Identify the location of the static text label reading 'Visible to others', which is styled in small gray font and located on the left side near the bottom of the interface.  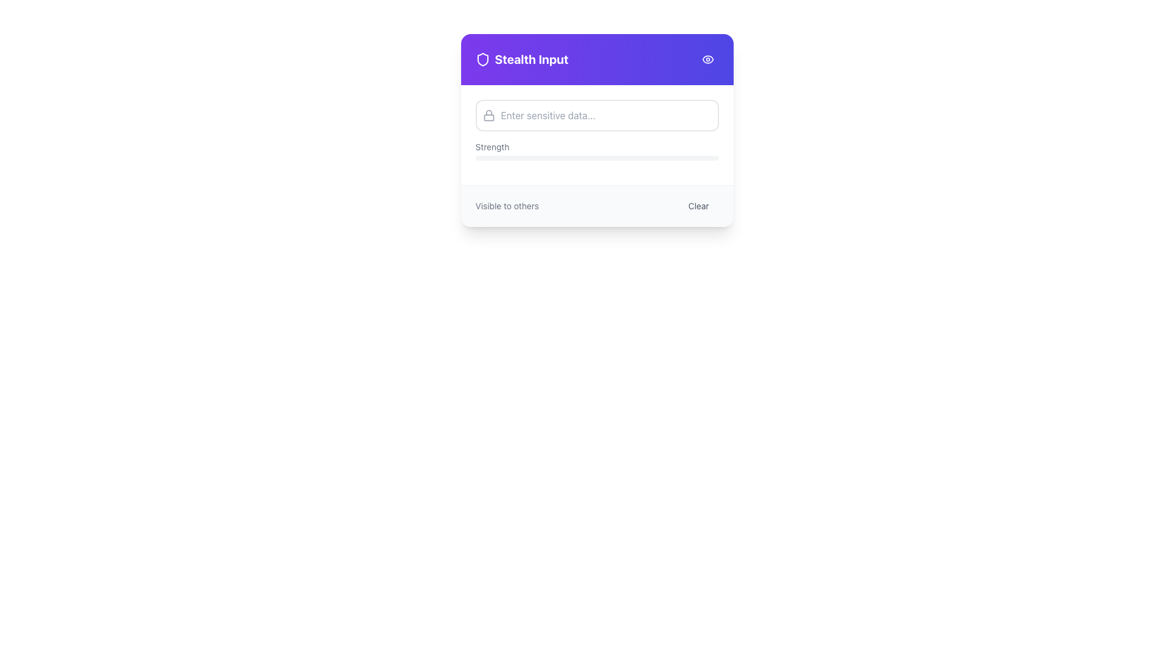
(507, 206).